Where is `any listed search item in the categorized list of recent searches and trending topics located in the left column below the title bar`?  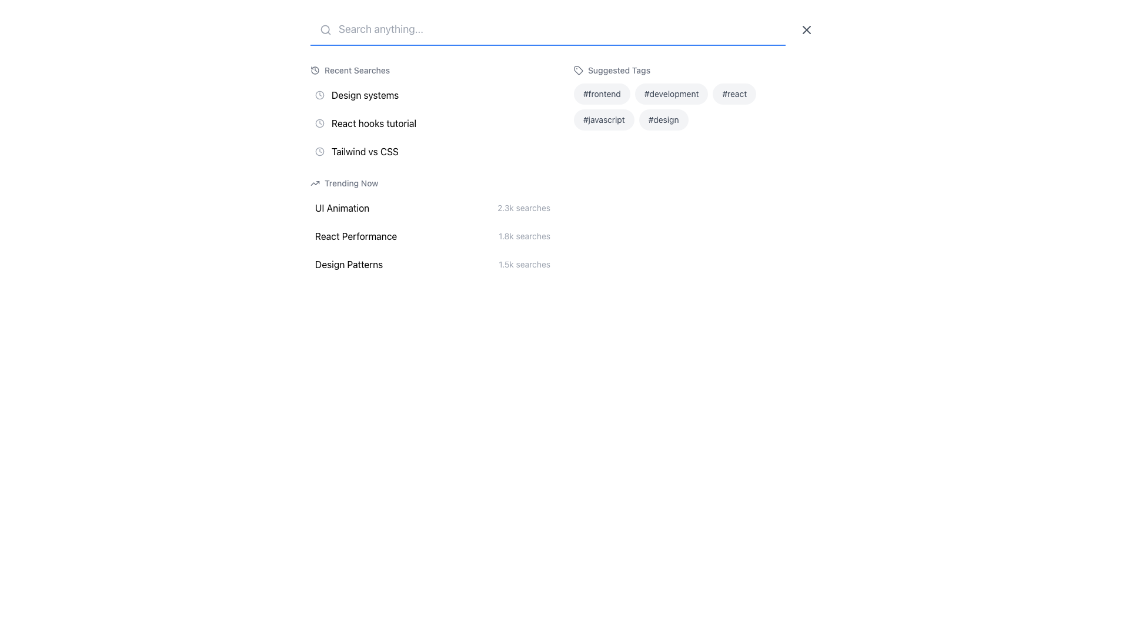 any listed search item in the categorized list of recent searches and trending topics located in the left column below the title bar is located at coordinates (432, 170).